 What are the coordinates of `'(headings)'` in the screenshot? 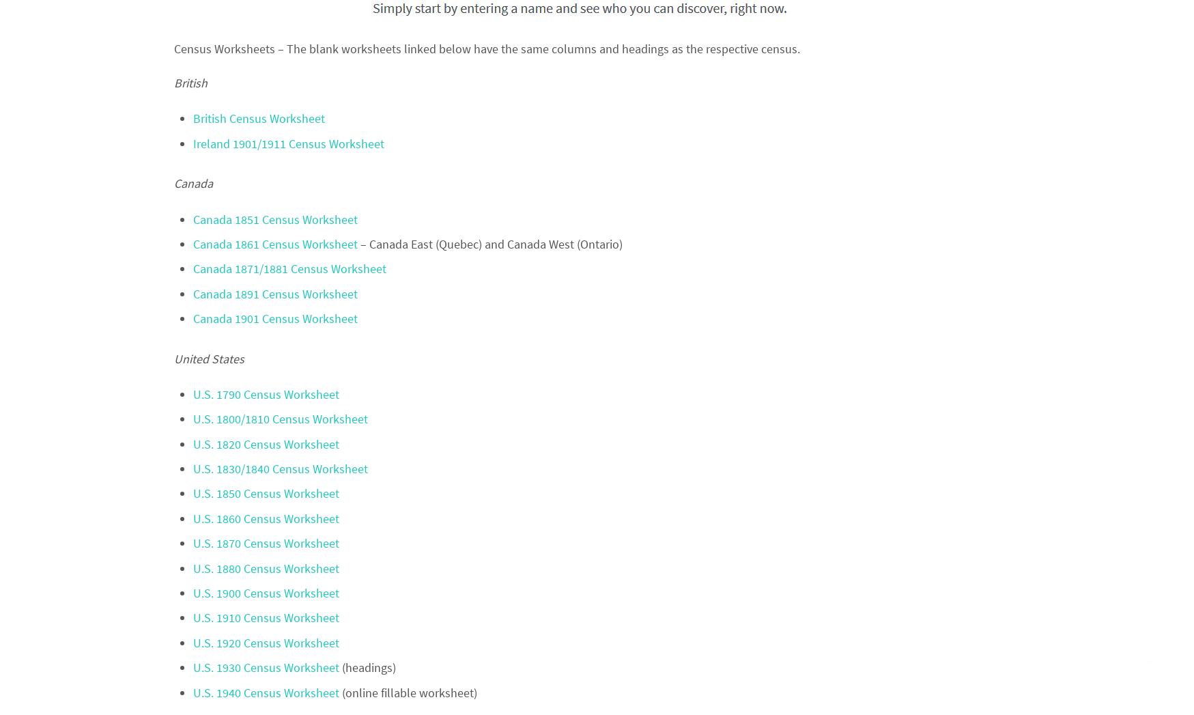 It's located at (339, 667).